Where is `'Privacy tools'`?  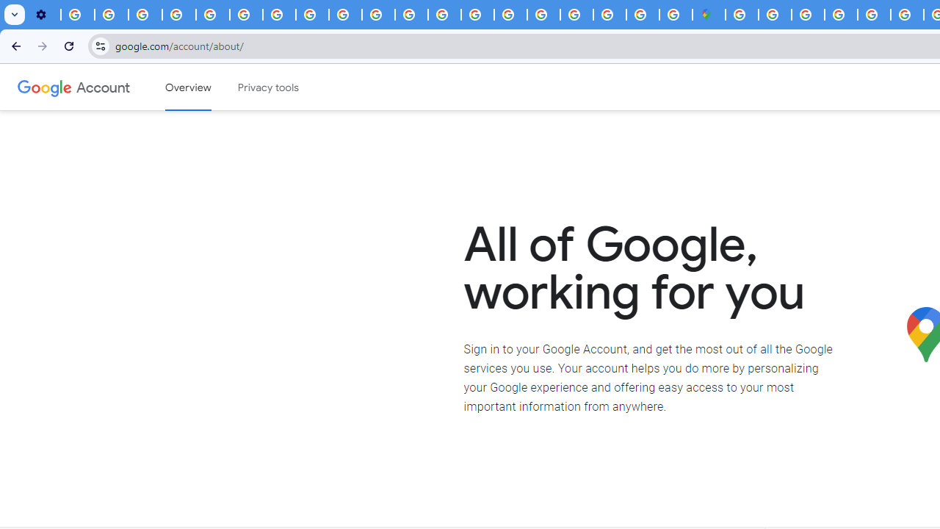 'Privacy tools' is located at coordinates (269, 87).